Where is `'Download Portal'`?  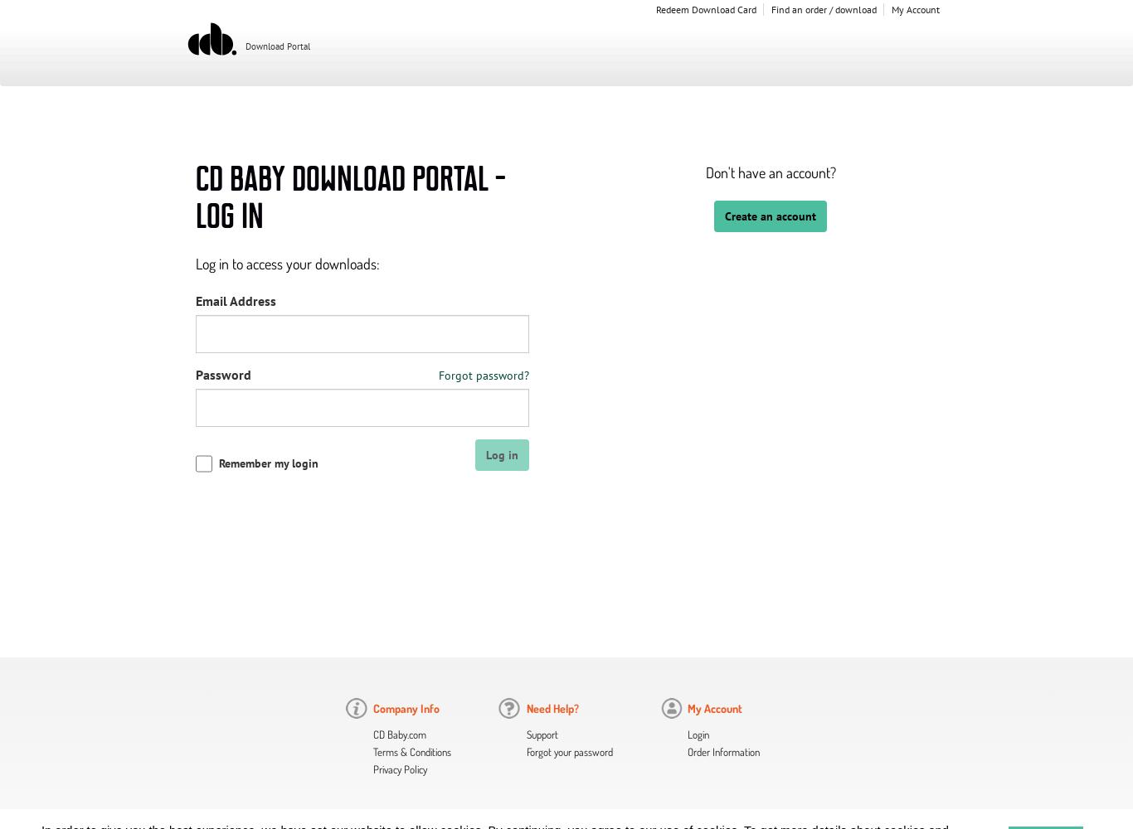 'Download Portal' is located at coordinates (276, 46).